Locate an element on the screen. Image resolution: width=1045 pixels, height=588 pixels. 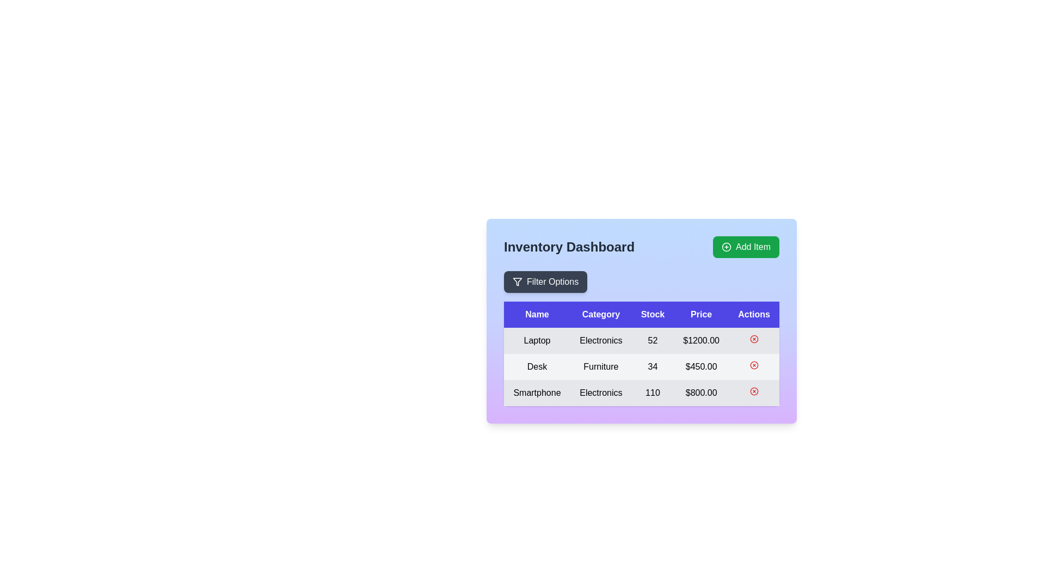
the second row of the inventory table, which contains the information 'Desk', 'Furniture', '34', and '$450.00', for reordering is located at coordinates (642, 367).